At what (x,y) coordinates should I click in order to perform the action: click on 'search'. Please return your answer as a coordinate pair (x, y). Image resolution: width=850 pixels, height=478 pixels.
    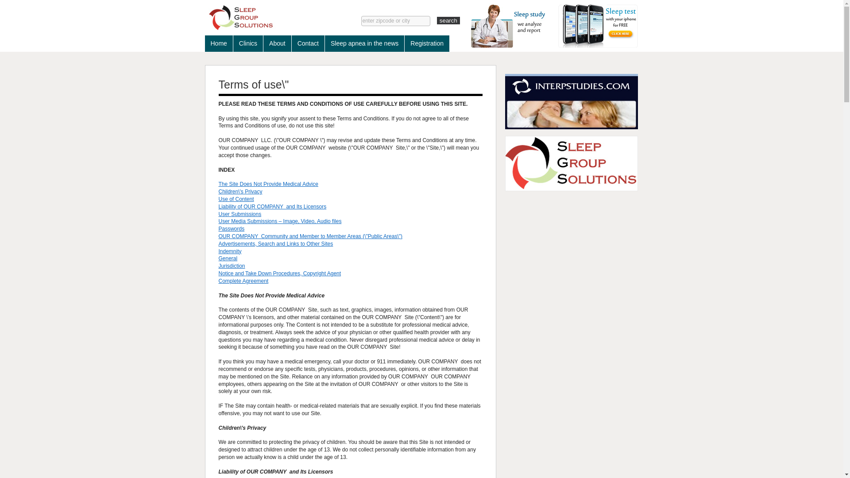
    Looking at the image, I should click on (437, 20).